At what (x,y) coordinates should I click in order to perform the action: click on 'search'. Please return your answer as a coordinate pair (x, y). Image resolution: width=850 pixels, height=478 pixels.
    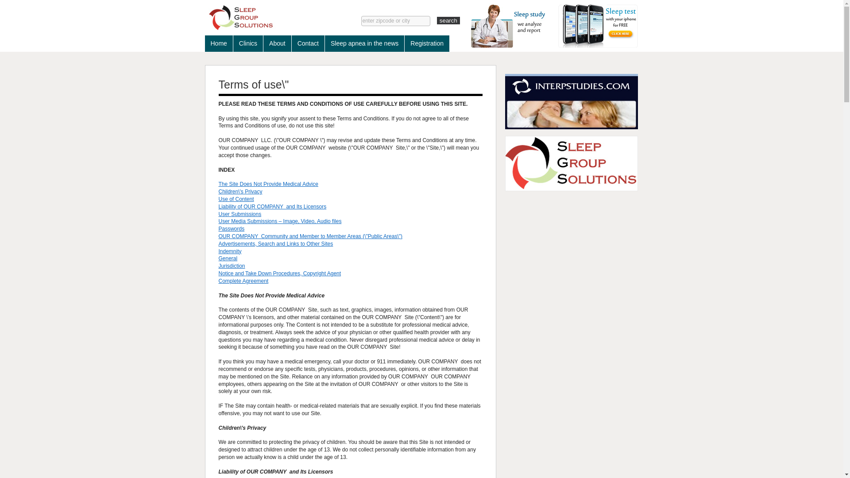
    Looking at the image, I should click on (437, 20).